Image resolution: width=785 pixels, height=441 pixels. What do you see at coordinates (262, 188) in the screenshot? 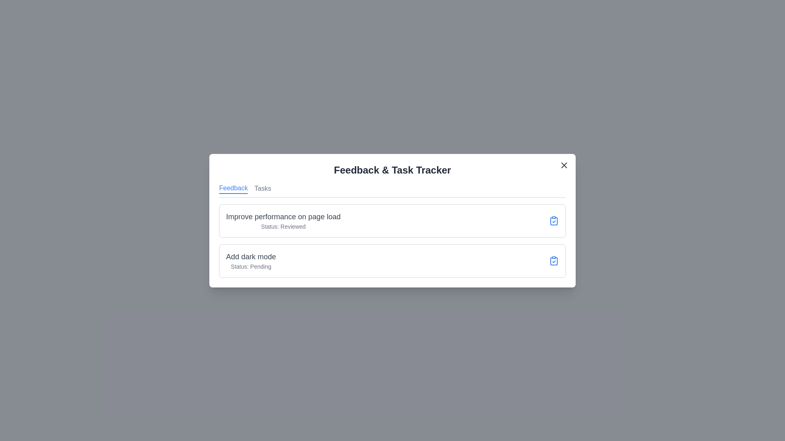
I see `the 'Tasks' Navigation Tab located in the horizontal navigation bar at the top center of the 'Feedback & Task Tracker' section` at bounding box center [262, 188].